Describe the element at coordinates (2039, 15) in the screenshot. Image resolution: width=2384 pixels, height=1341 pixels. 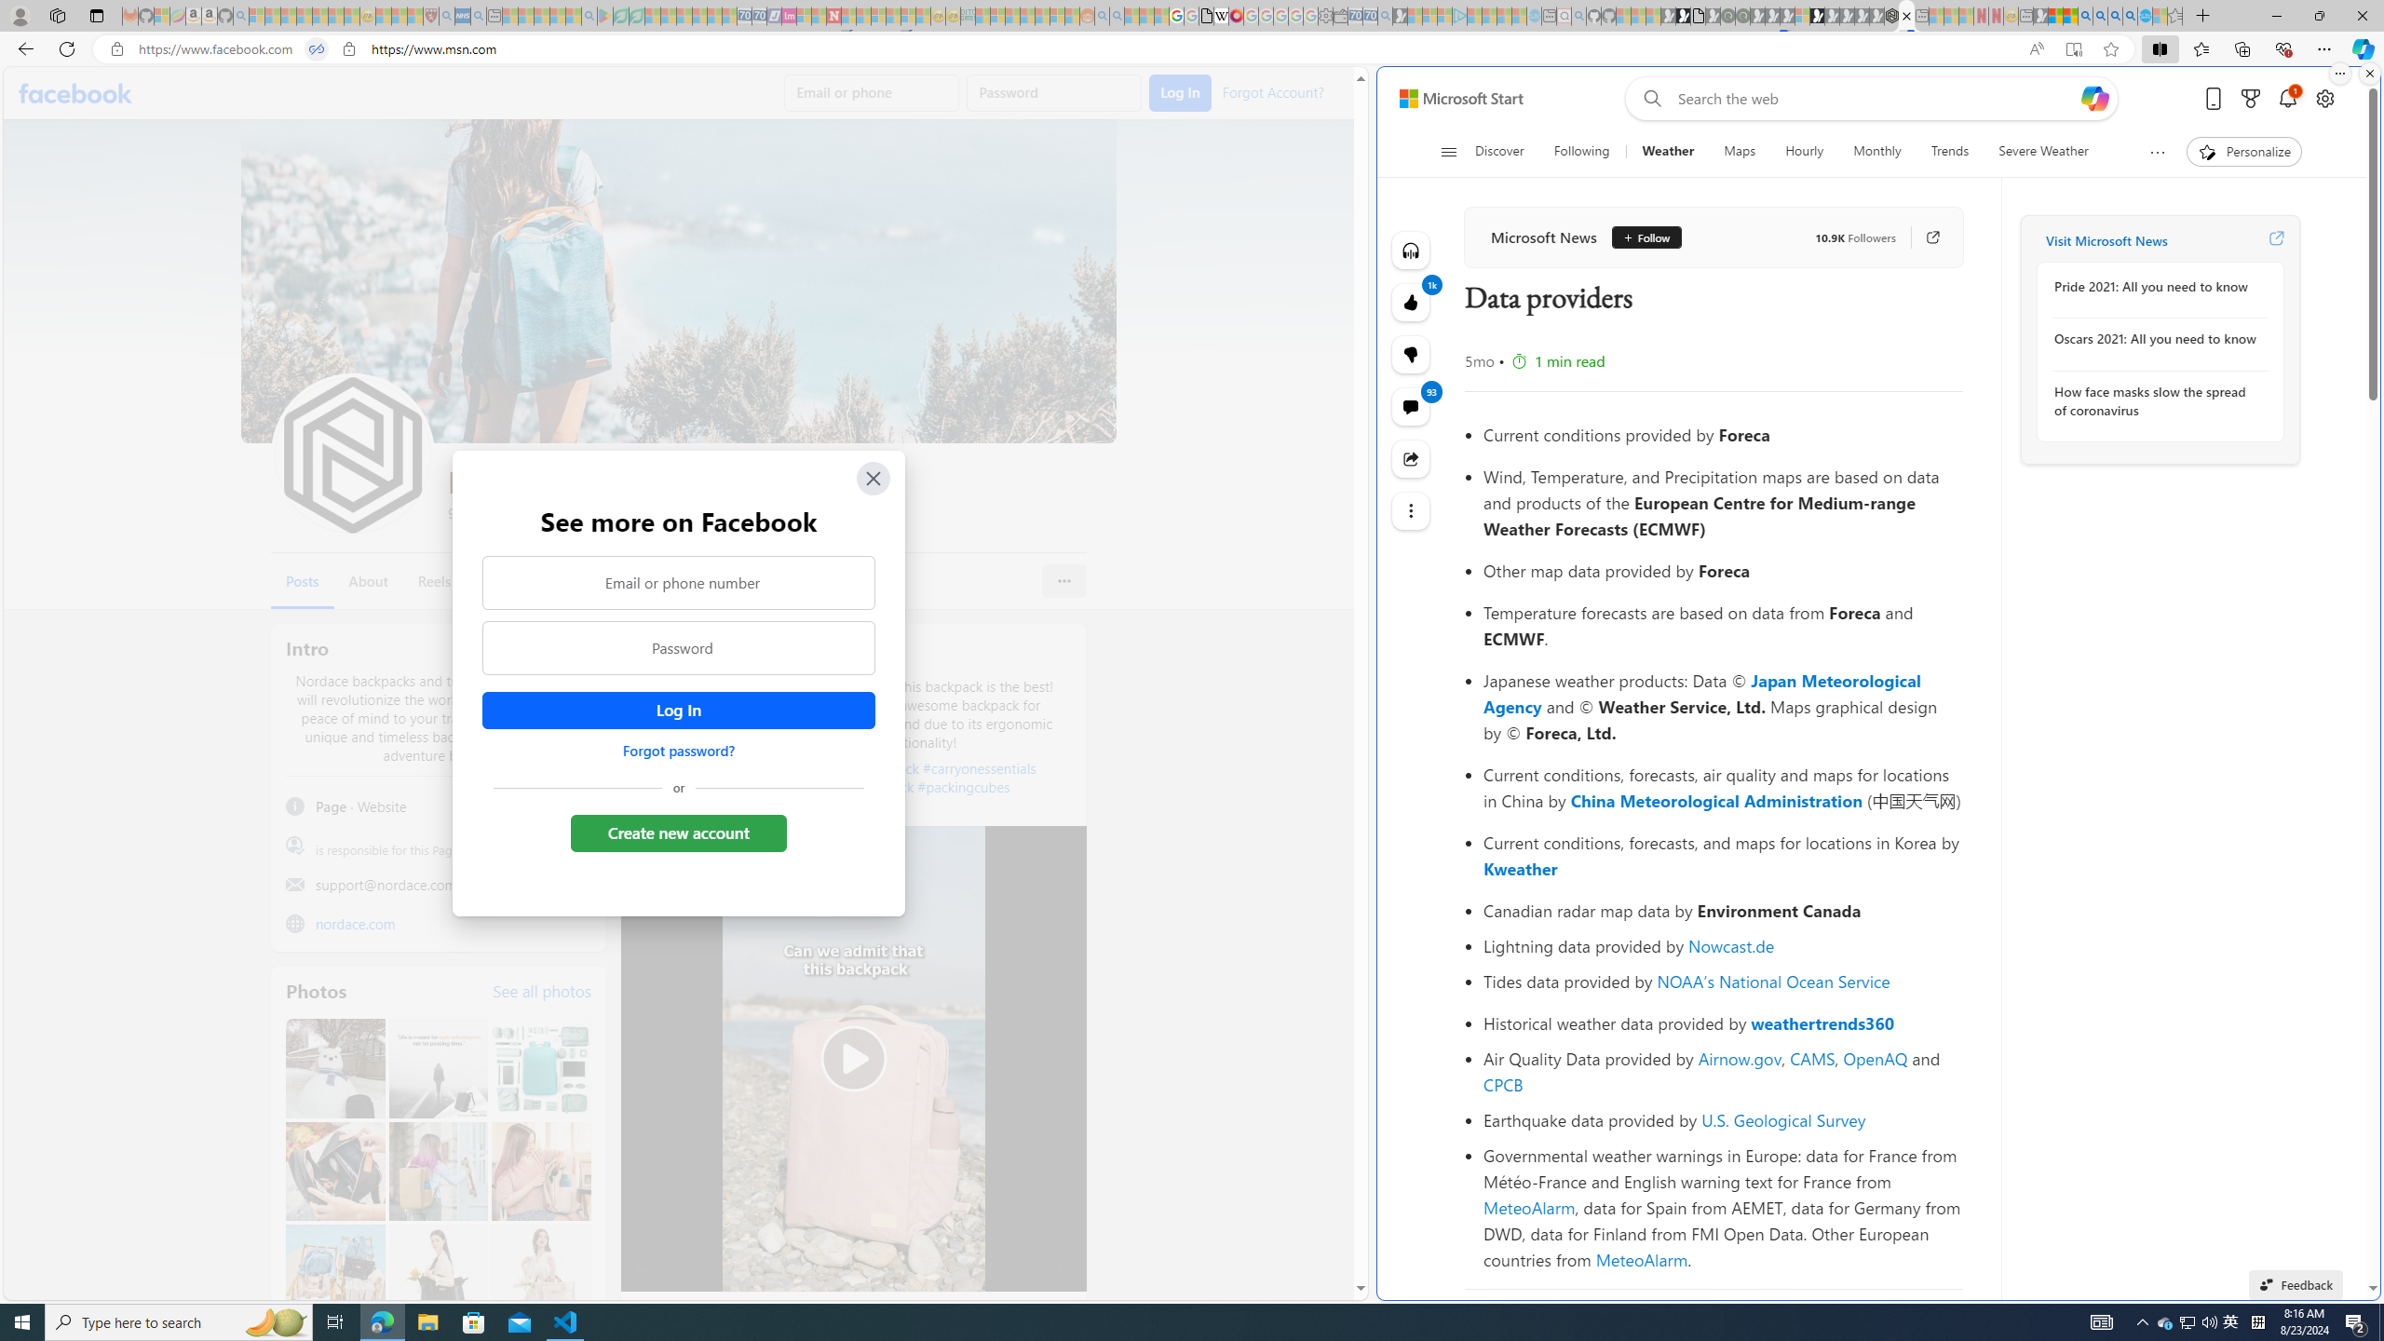
I see `'MSN - Sleeping'` at that location.